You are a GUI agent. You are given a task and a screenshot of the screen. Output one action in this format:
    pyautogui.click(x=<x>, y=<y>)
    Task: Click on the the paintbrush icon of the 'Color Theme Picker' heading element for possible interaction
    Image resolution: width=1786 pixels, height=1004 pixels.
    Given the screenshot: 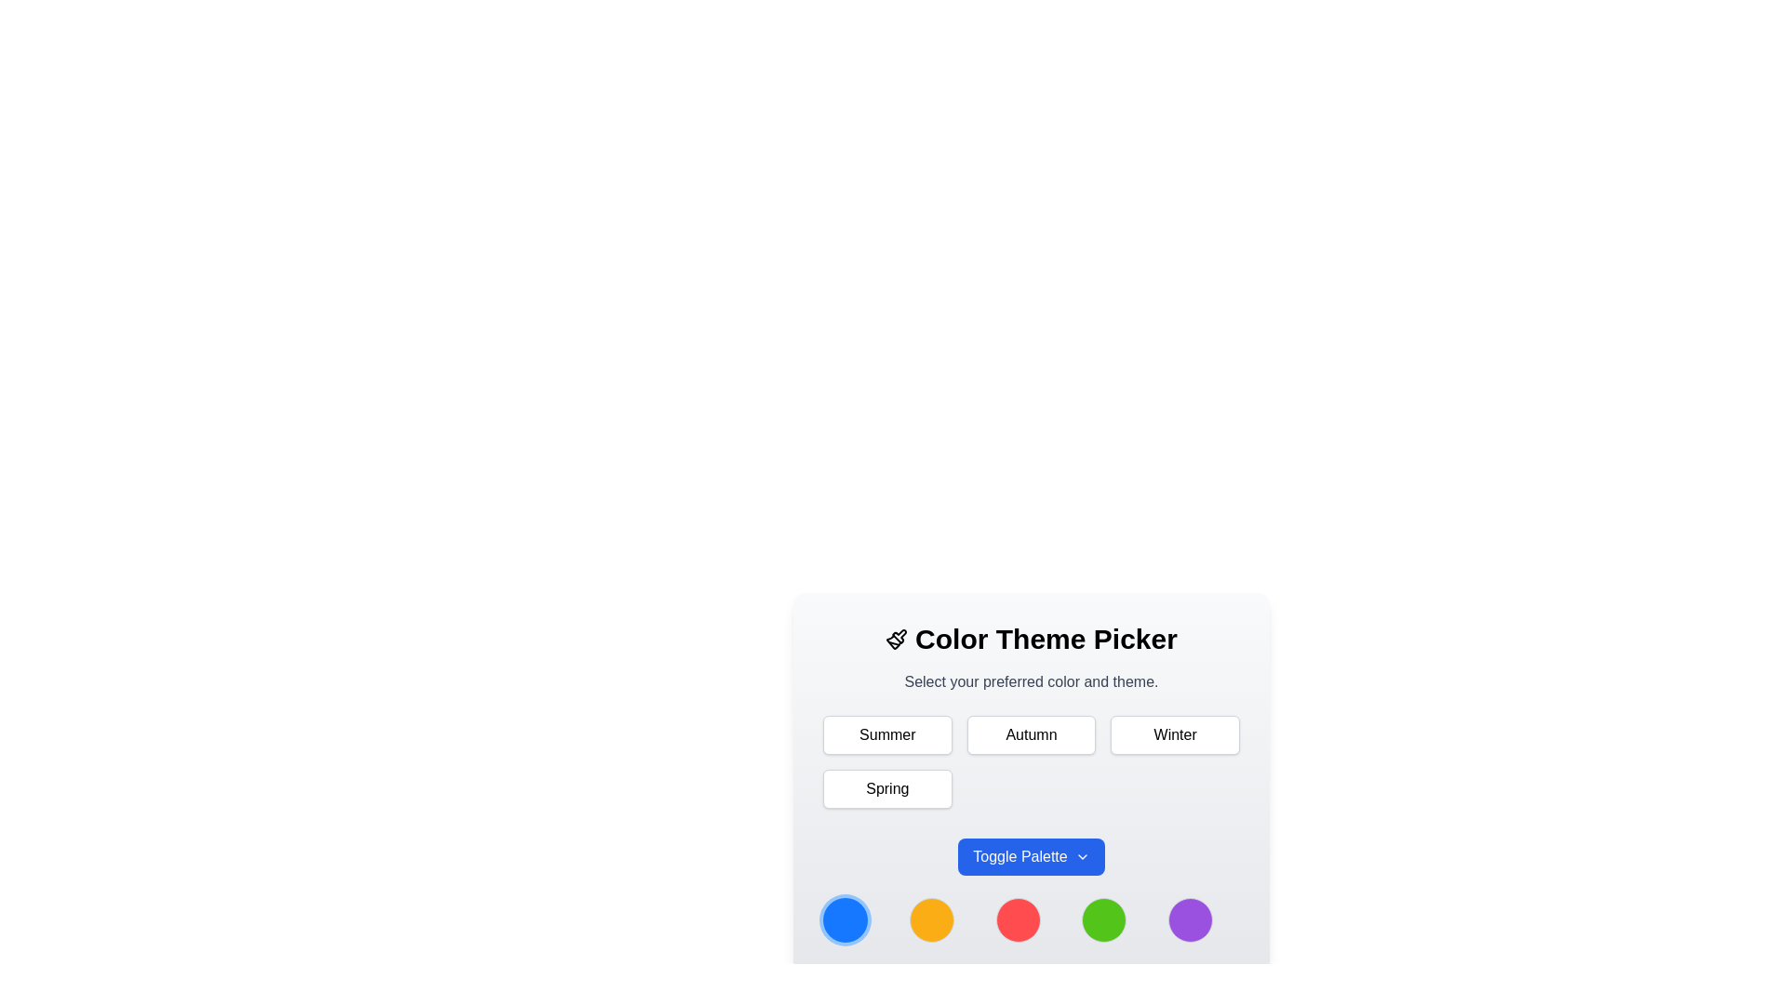 What is the action you would take?
    pyautogui.click(x=1030, y=638)
    